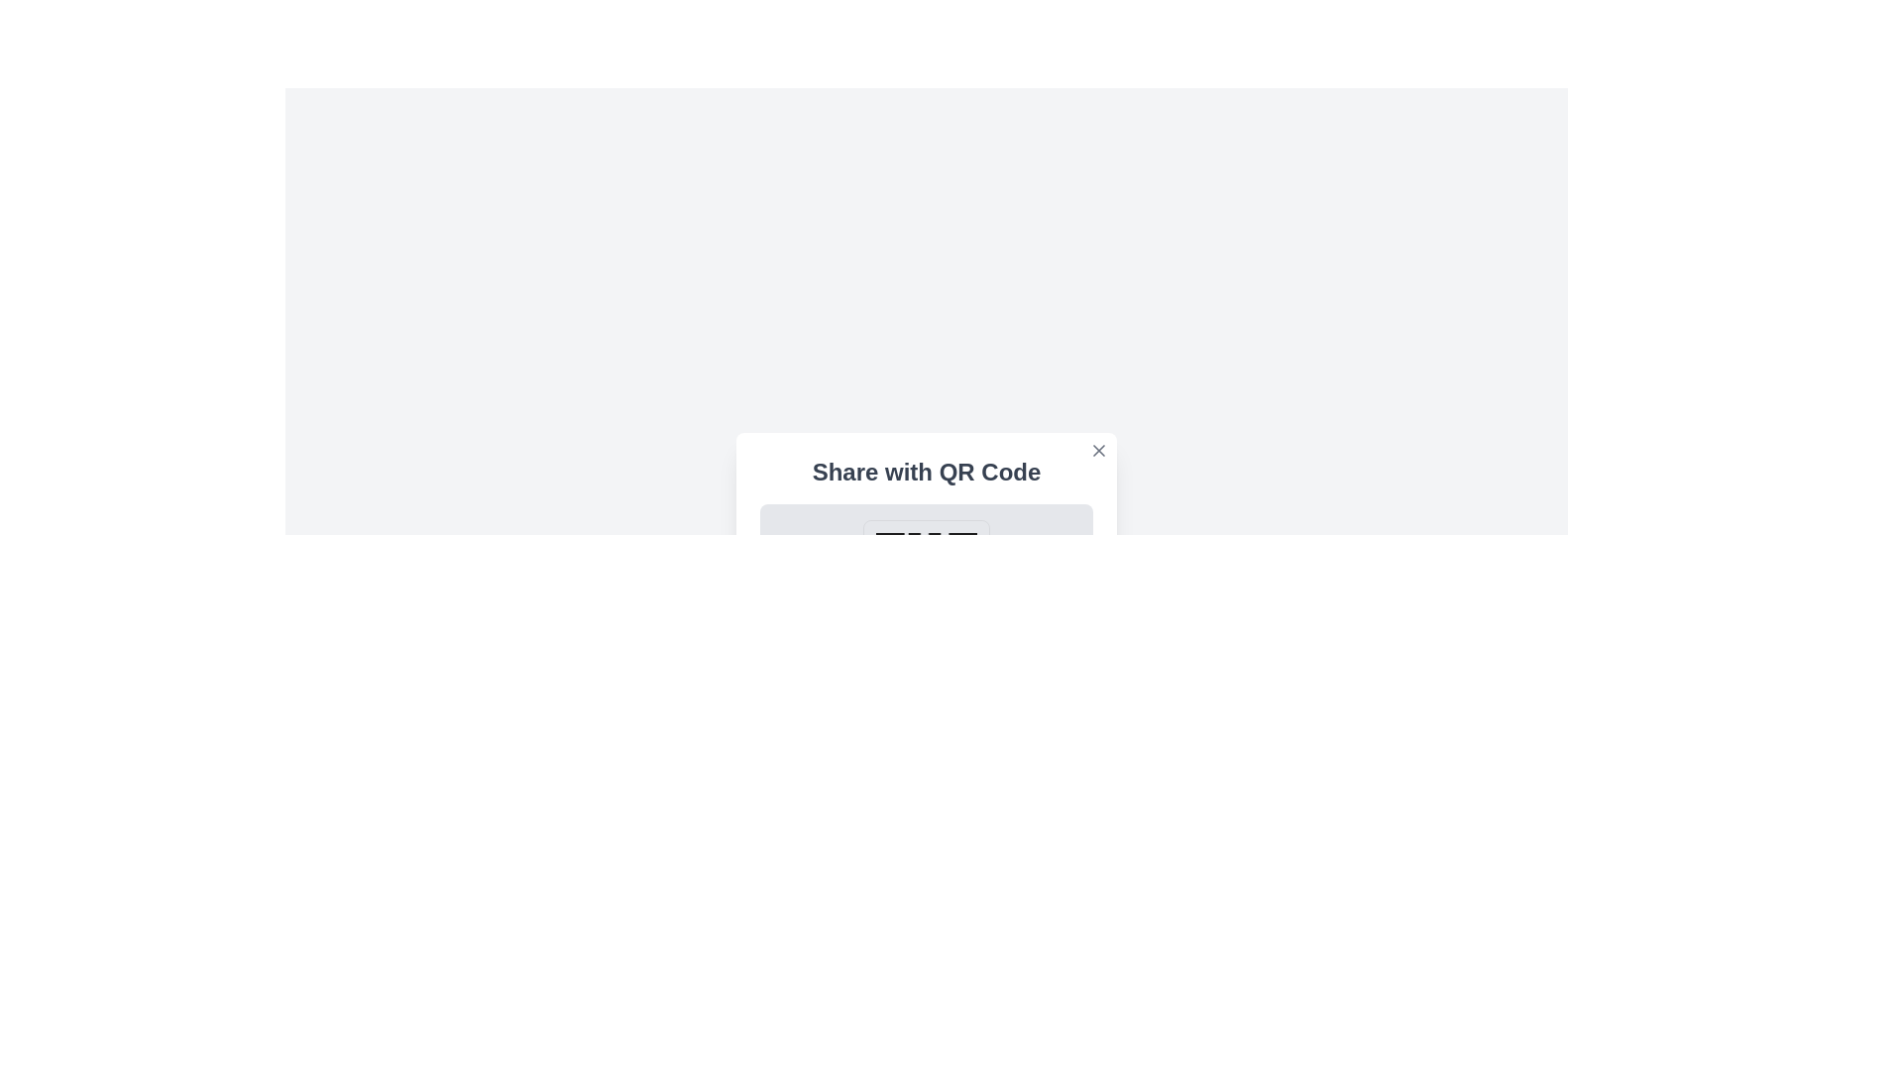 Image resolution: width=1903 pixels, height=1070 pixels. I want to click on text 'Share with QR Code' which is styled in bold and is located at the top of the modal box, just below the close button, so click(926, 473).